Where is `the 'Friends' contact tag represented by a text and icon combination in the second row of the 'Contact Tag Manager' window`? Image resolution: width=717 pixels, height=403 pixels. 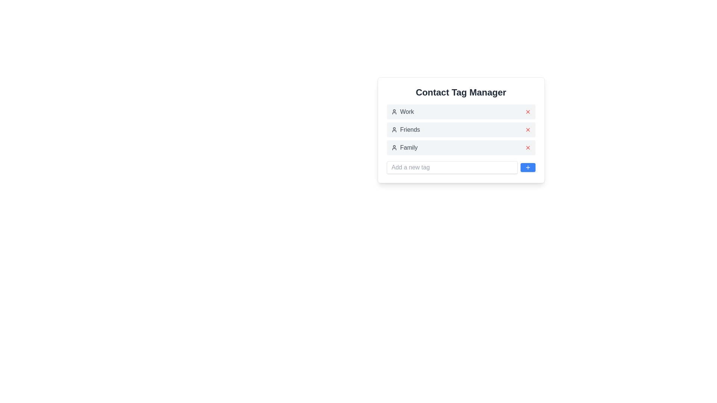
the 'Friends' contact tag represented by a text and icon combination in the second row of the 'Contact Tag Manager' window is located at coordinates (405, 129).